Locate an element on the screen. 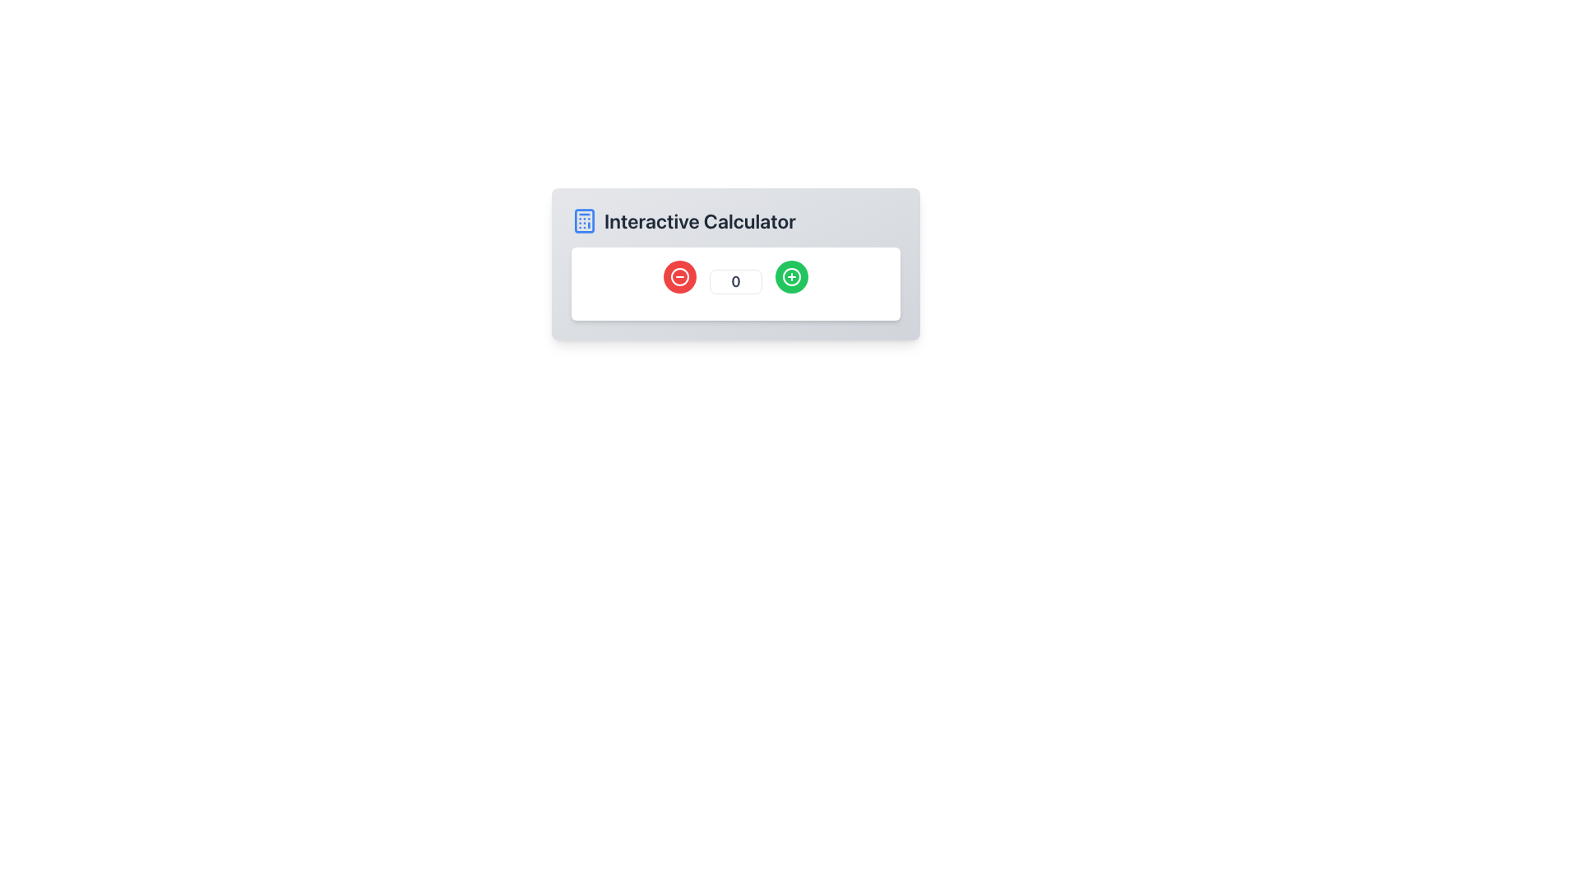 This screenshot has width=1579, height=888. the green button with a plus symbol on the interactive calculator interface to increment the displayed value is located at coordinates (734, 283).